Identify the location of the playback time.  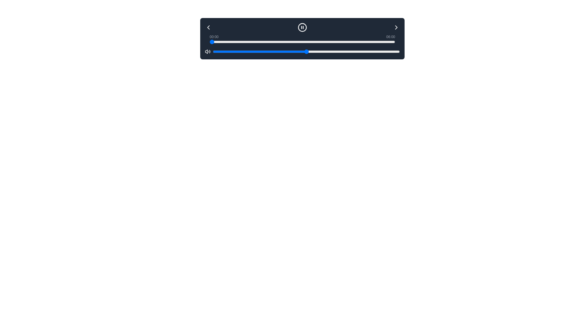
(381, 42).